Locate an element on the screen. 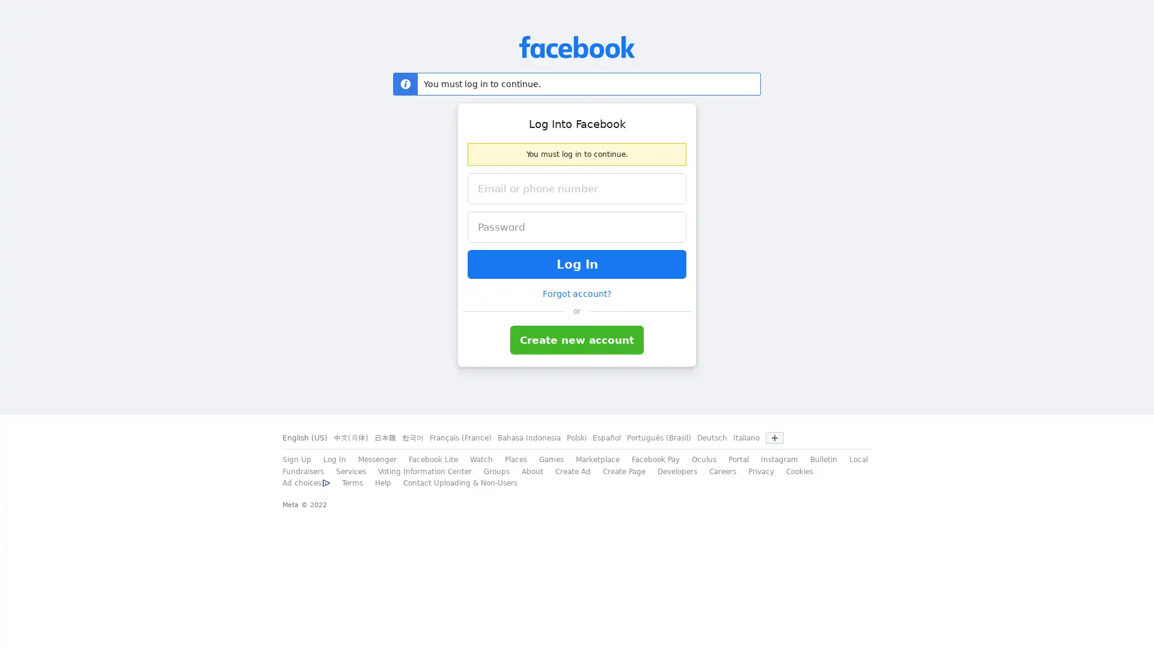  Create new account is located at coordinates (577, 340).